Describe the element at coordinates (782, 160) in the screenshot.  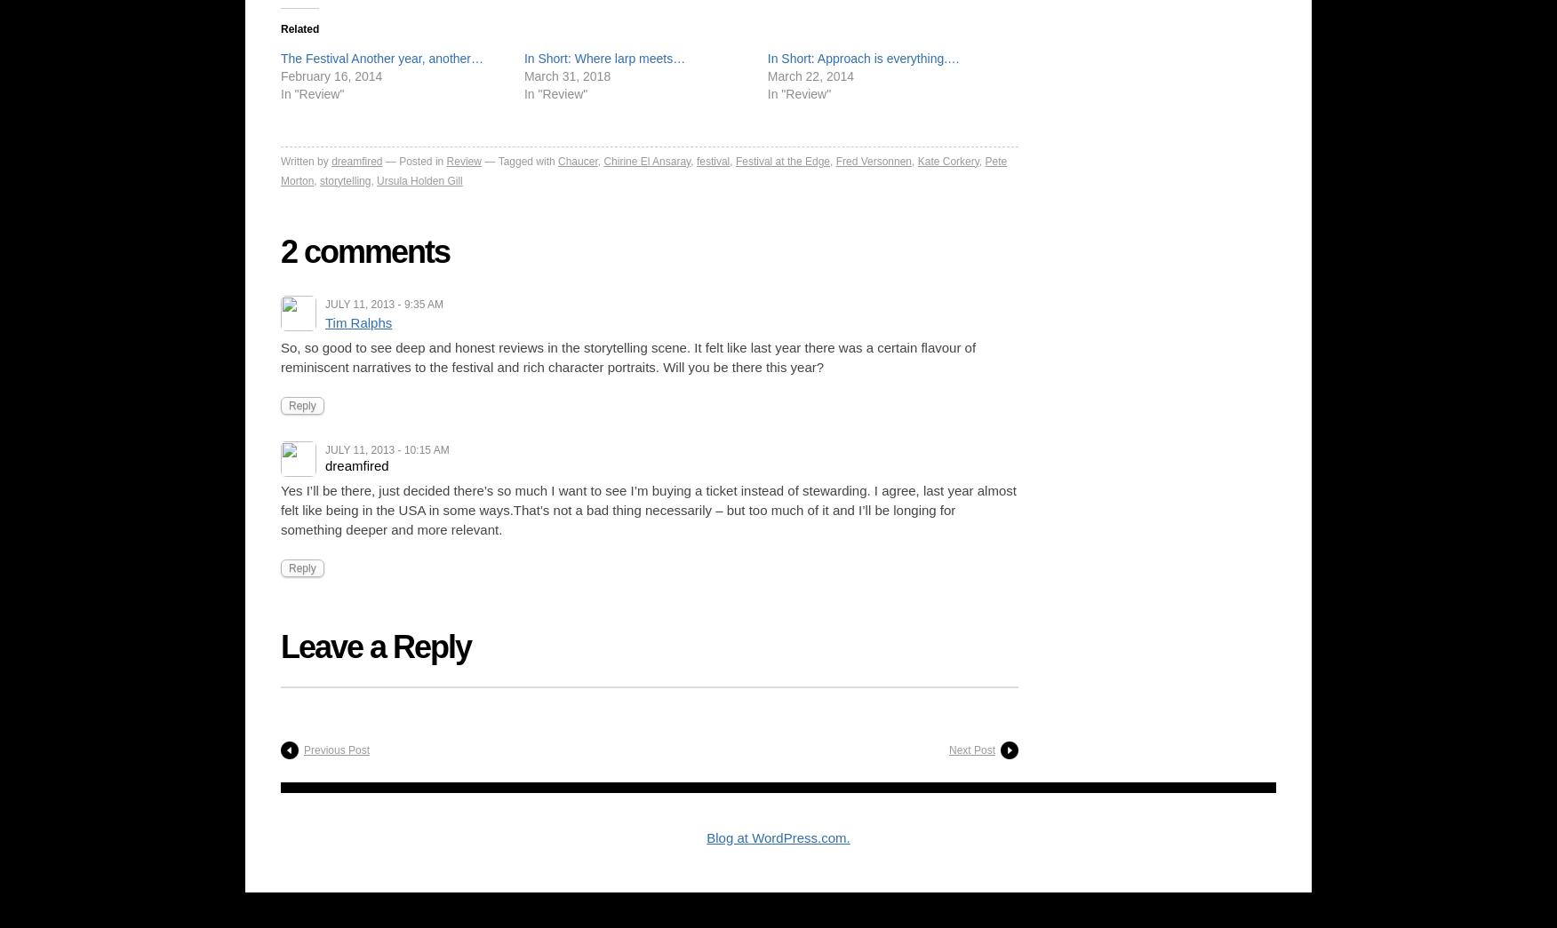
I see `'Festival at the Edge'` at that location.